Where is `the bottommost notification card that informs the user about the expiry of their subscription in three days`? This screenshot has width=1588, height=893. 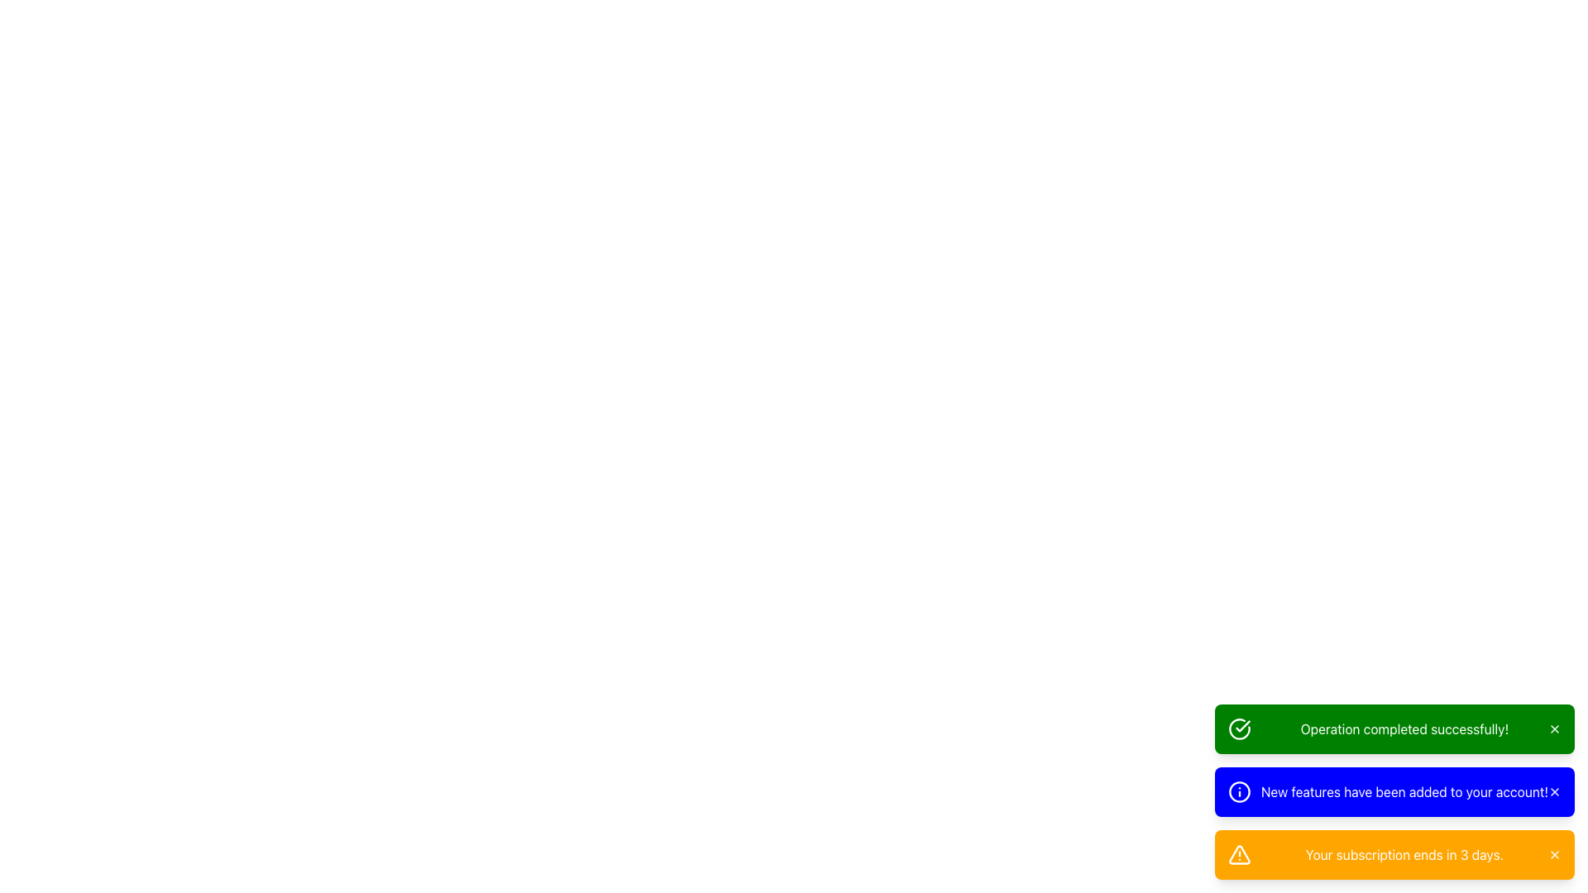 the bottommost notification card that informs the user about the expiry of their subscription in three days is located at coordinates (1394, 854).